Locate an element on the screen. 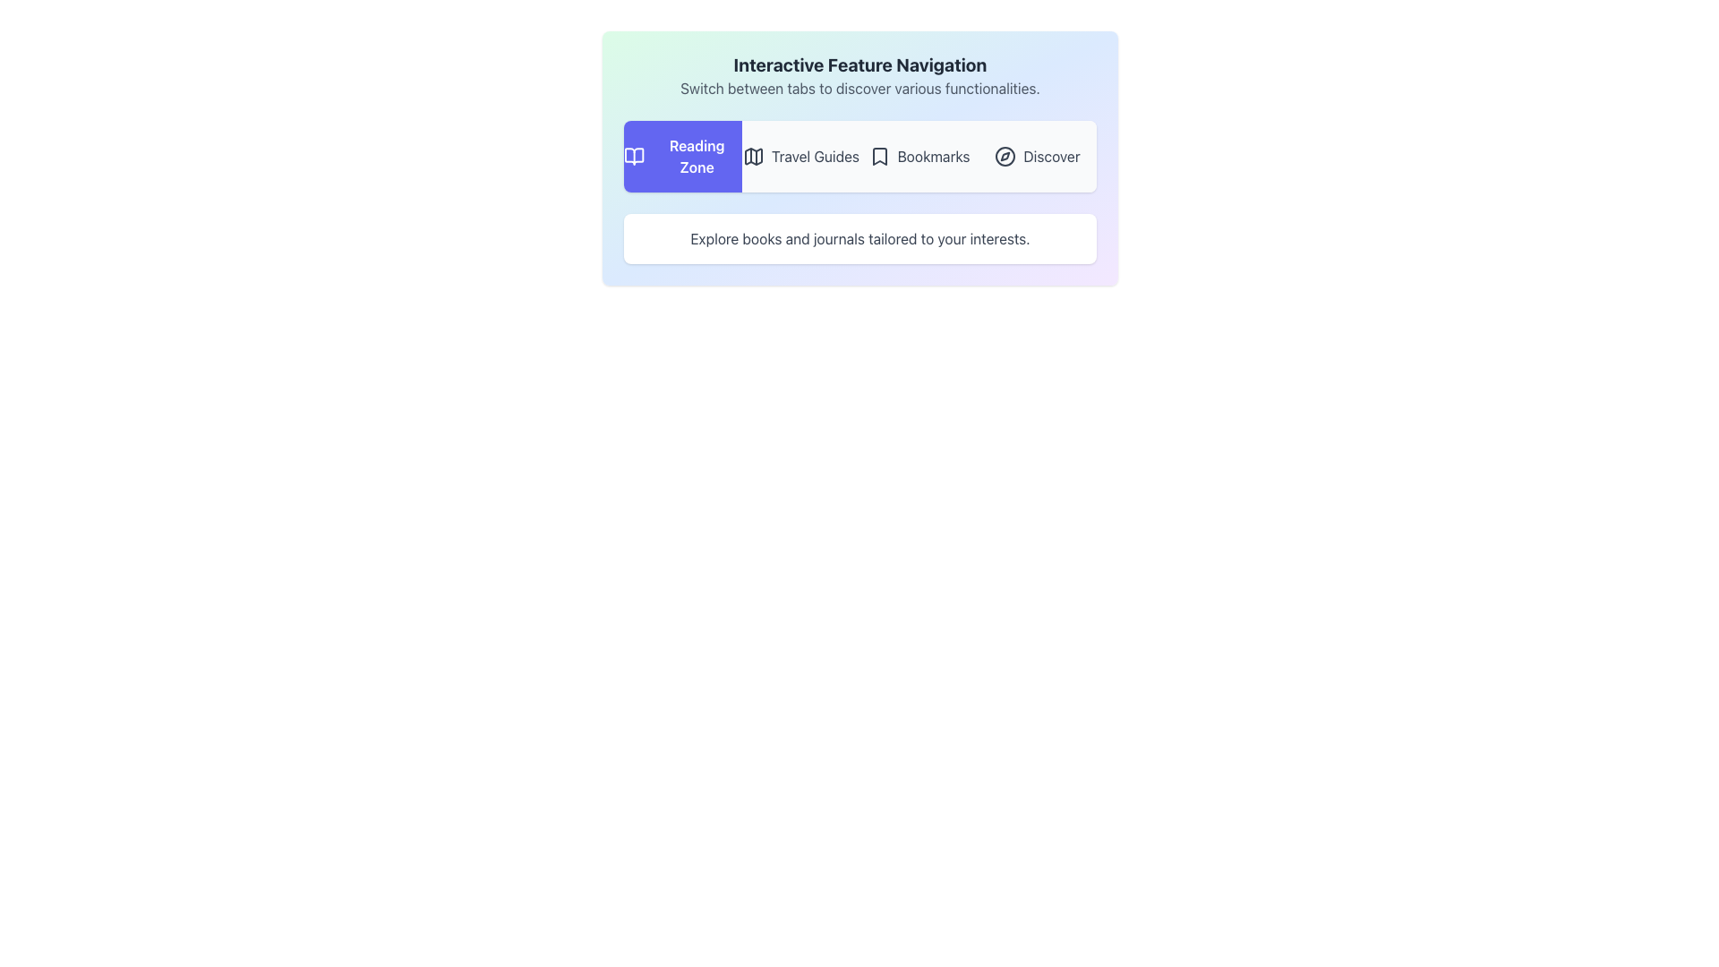 The height and width of the screenshot is (967, 1719). the 'Discover' button, which is a rectangular tab with a white background and gray text is located at coordinates (1037, 155).